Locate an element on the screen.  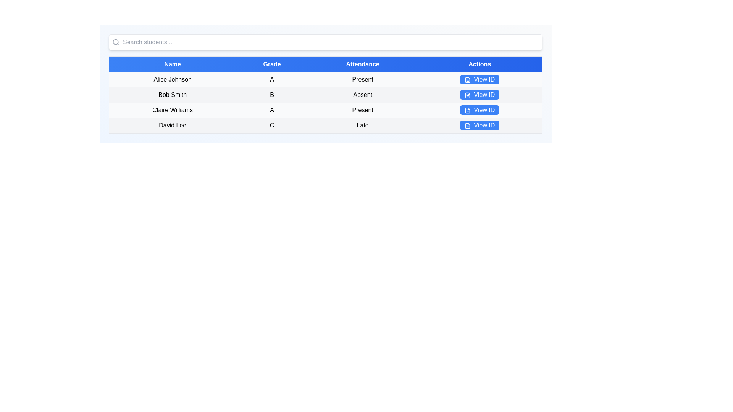
the 'View ID' button located under the 'Actions' column in the table row for 'Alice Johnson' is located at coordinates (479, 79).